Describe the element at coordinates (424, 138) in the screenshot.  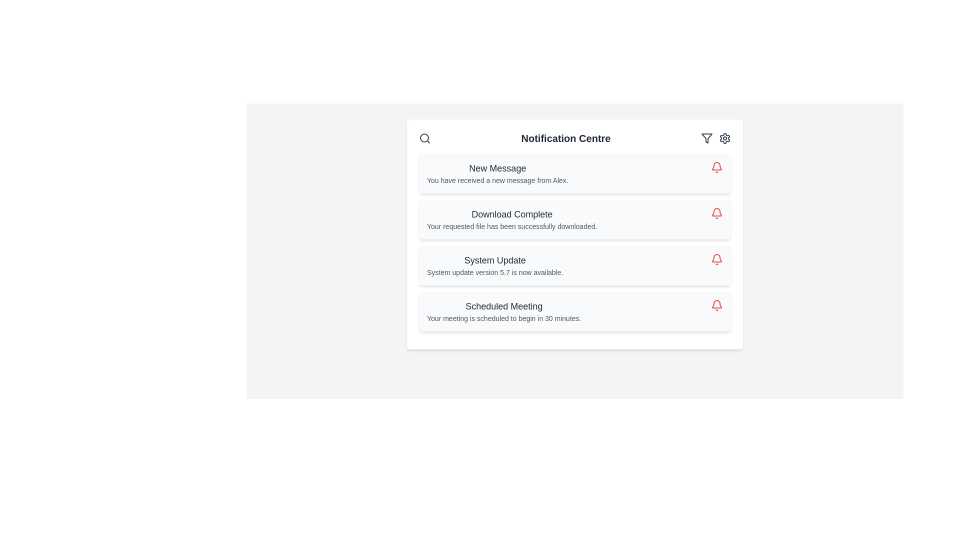
I see `the decorative circle element within the search icon located in the top-left corner of the notification center header` at that location.